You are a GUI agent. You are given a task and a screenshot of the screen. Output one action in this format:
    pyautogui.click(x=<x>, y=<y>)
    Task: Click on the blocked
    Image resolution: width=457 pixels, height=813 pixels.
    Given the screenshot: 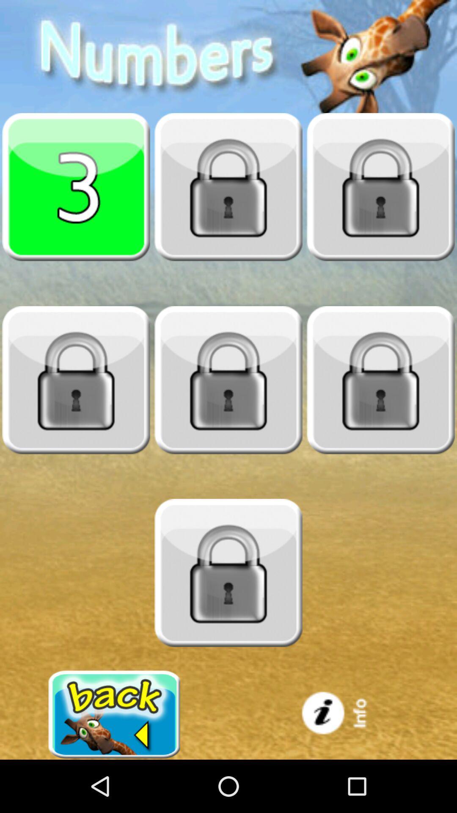 What is the action you would take?
    pyautogui.click(x=380, y=186)
    